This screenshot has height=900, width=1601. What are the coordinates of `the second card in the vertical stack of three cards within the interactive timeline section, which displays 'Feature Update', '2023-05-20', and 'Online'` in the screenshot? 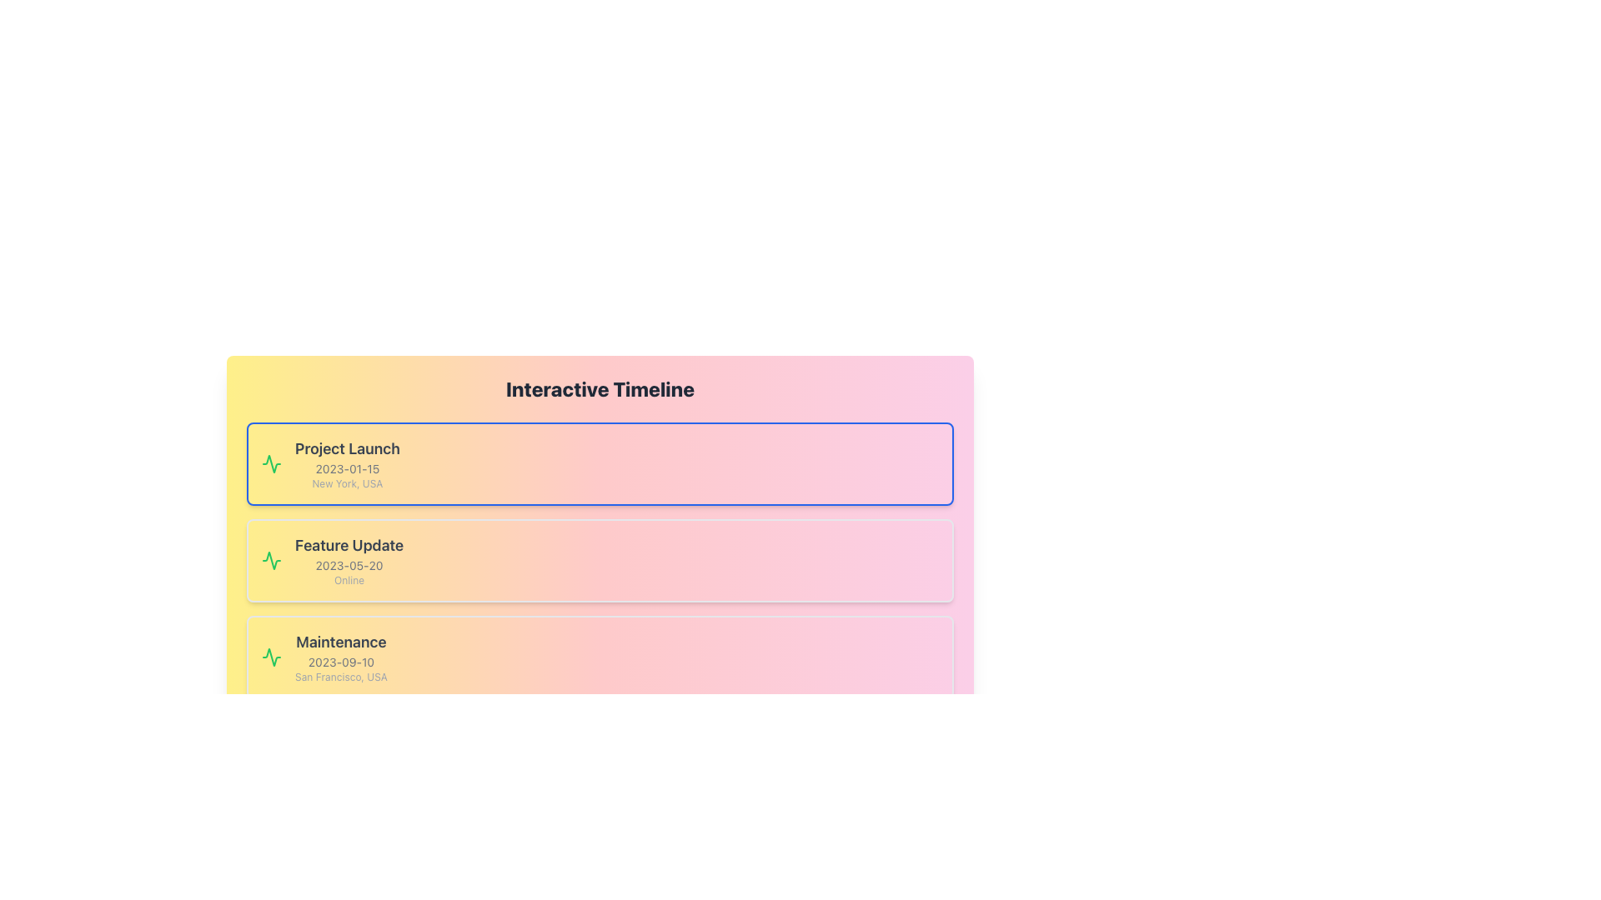 It's located at (600, 560).